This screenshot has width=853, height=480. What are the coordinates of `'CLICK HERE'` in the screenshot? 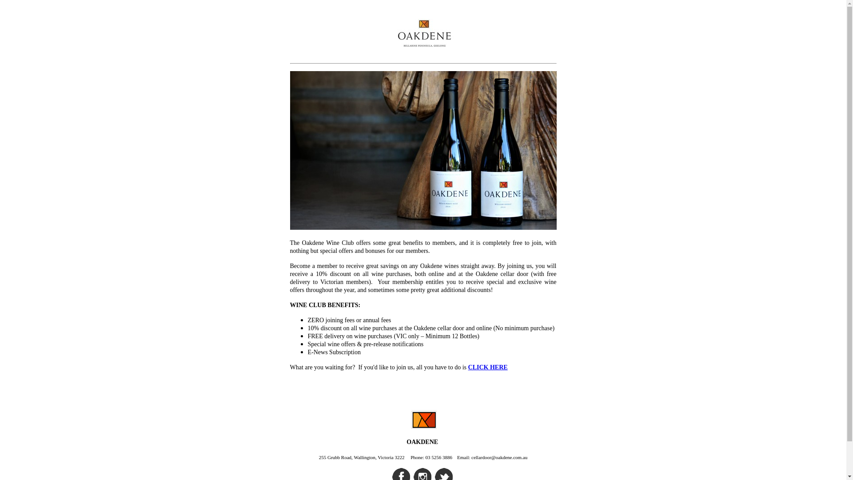 It's located at (468, 367).